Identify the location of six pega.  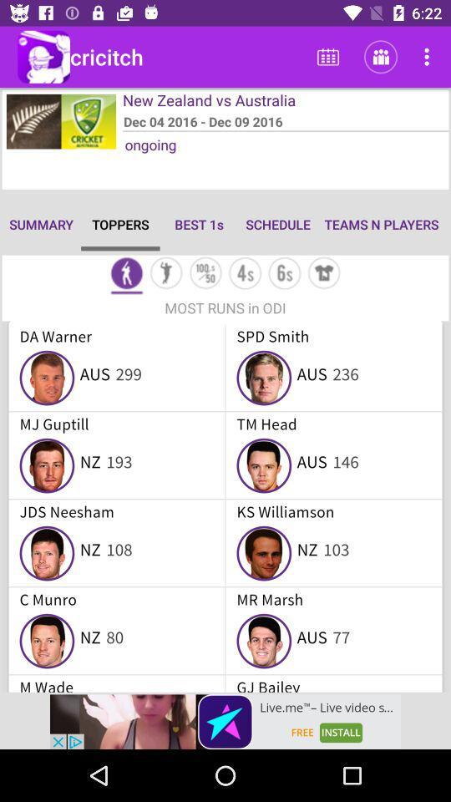
(283, 275).